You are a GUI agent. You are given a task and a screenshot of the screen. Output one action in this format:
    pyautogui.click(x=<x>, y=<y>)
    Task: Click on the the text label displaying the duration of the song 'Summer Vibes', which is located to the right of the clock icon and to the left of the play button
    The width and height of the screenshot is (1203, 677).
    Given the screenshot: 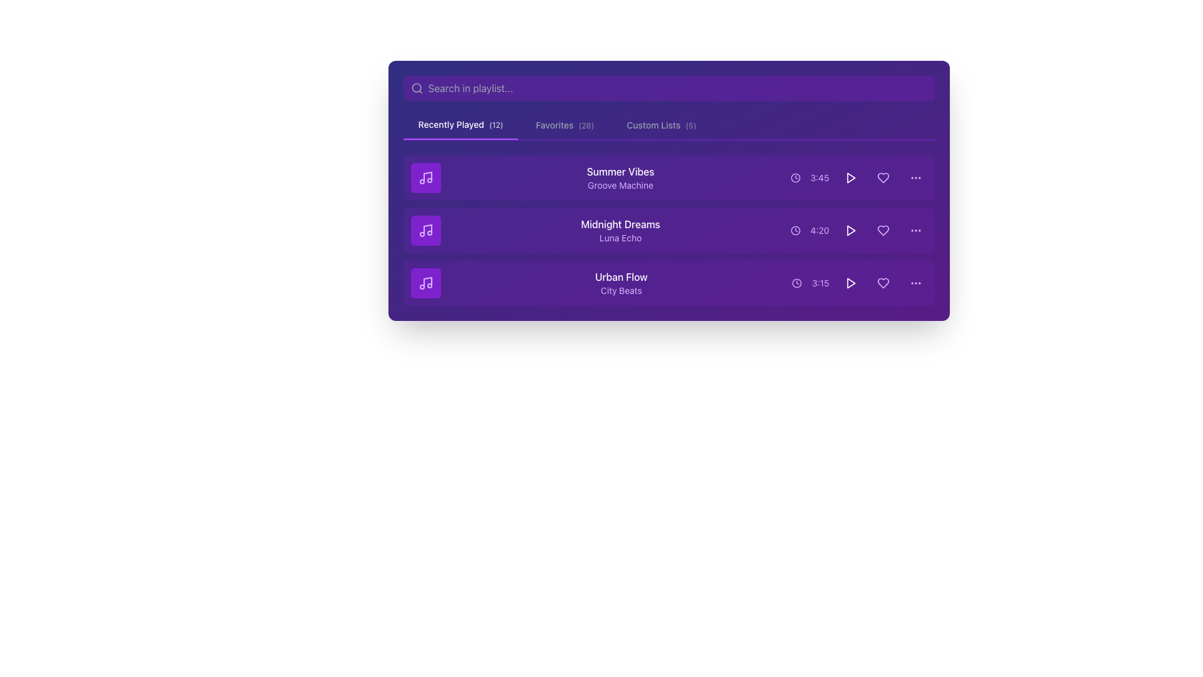 What is the action you would take?
    pyautogui.click(x=820, y=178)
    